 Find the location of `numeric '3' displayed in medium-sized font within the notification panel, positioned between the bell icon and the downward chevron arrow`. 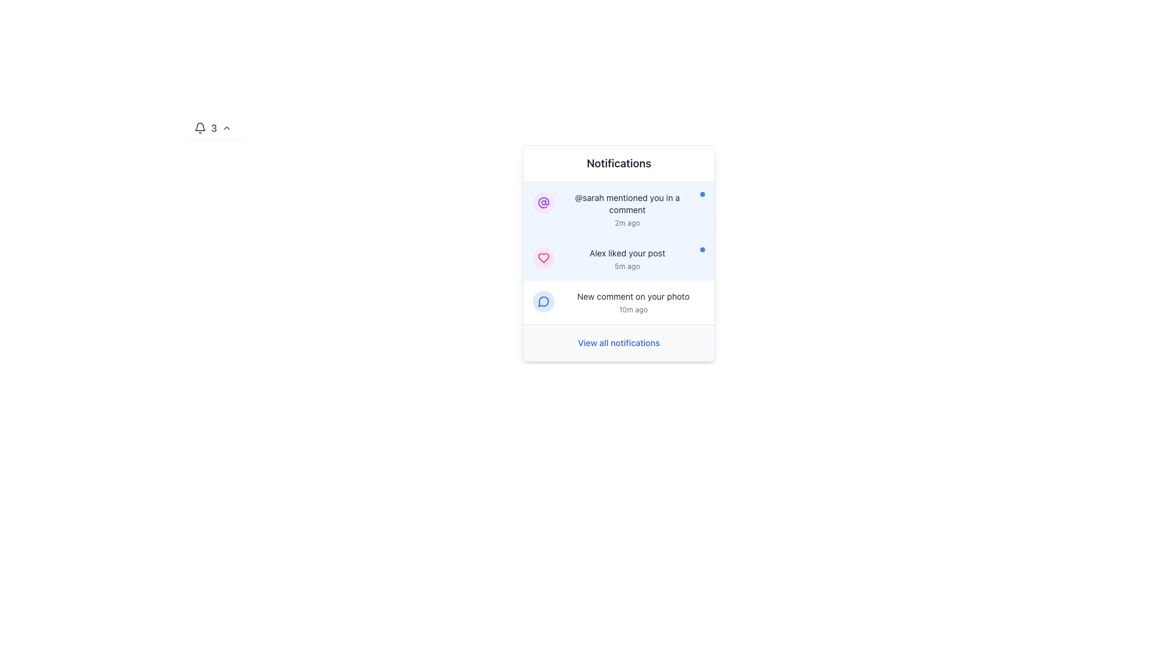

numeric '3' displayed in medium-sized font within the notification panel, positioned between the bell icon and the downward chevron arrow is located at coordinates (214, 128).